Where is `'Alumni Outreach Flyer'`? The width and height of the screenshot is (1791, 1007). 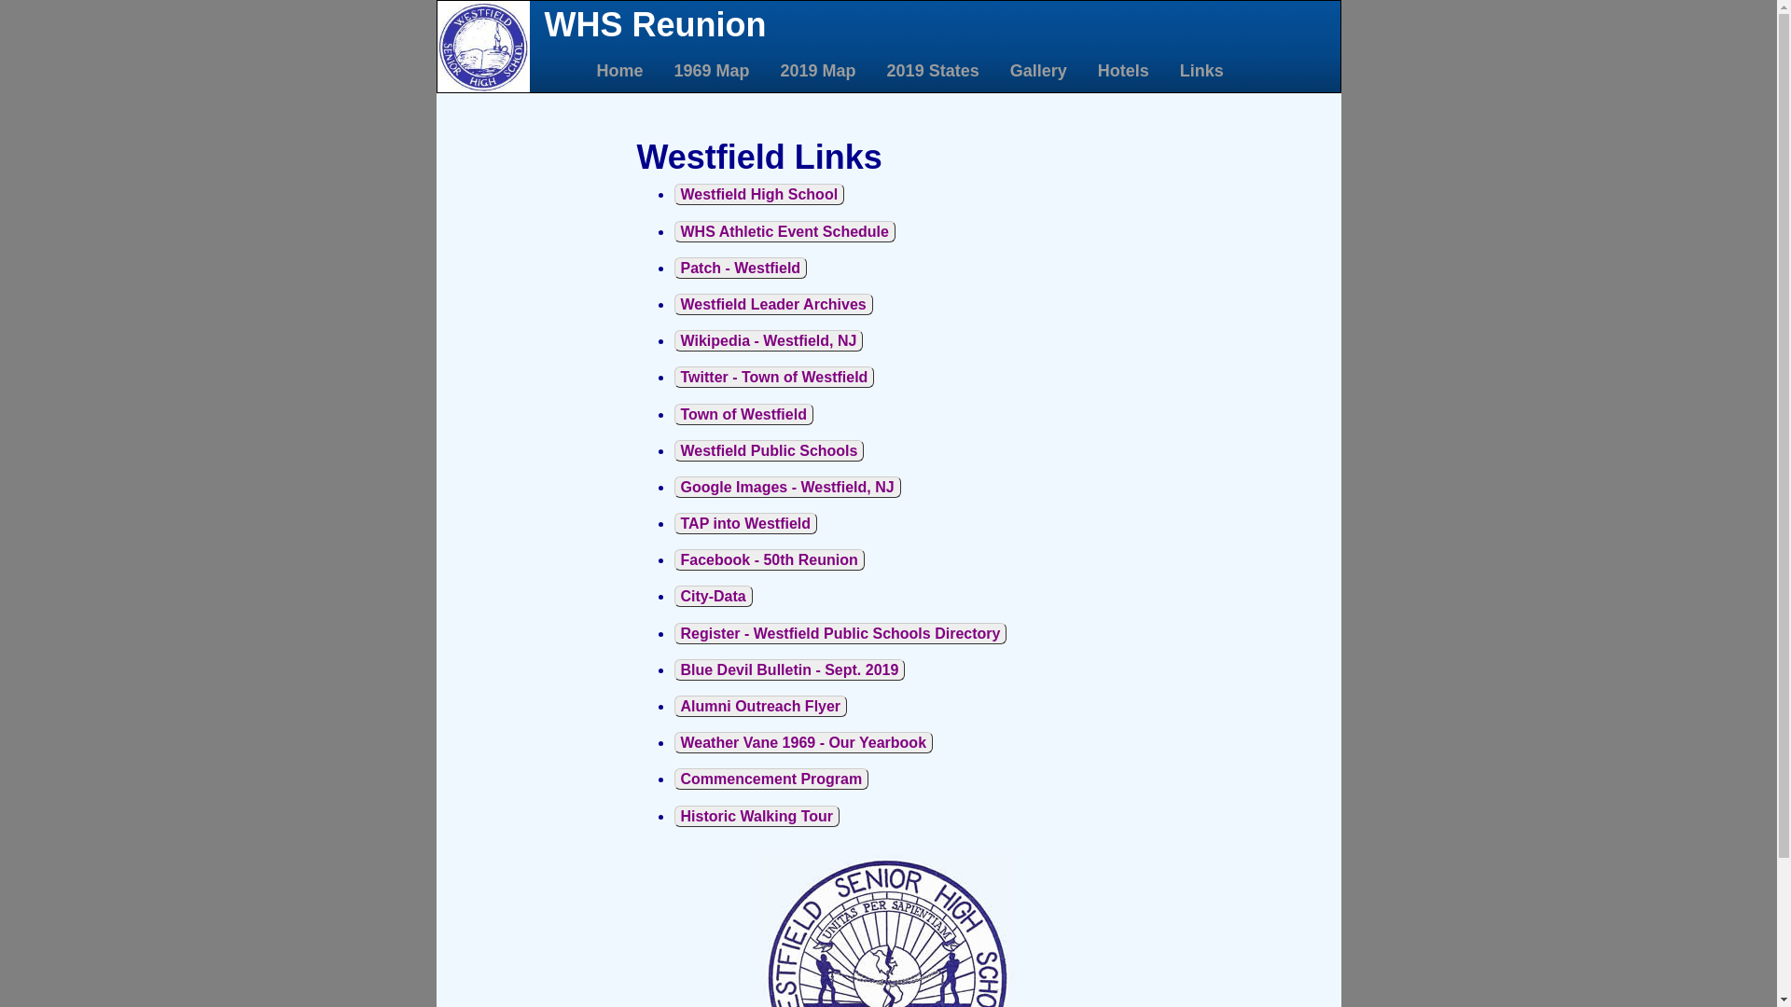 'Alumni Outreach Flyer' is located at coordinates (760, 706).